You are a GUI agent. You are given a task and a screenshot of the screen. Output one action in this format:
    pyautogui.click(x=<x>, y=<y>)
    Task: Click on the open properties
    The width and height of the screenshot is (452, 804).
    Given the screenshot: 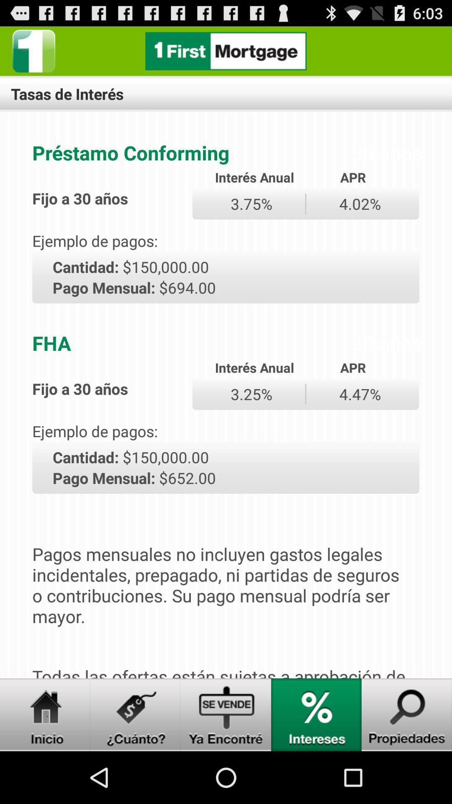 What is the action you would take?
    pyautogui.click(x=406, y=714)
    